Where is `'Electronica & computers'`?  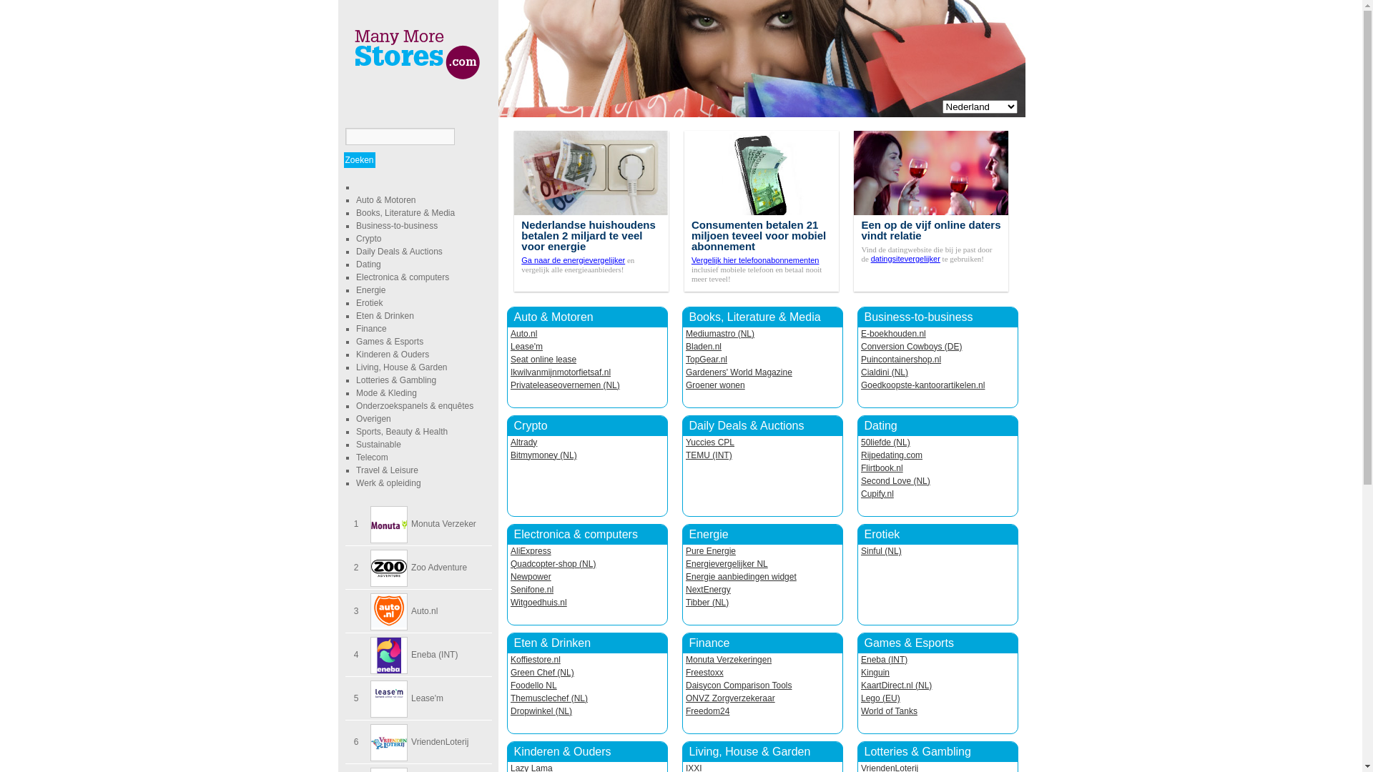 'Electronica & computers' is located at coordinates (575, 534).